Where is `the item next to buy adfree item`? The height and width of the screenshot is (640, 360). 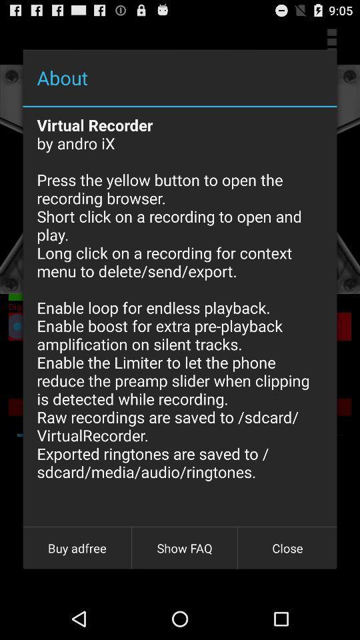 the item next to buy adfree item is located at coordinates (184, 548).